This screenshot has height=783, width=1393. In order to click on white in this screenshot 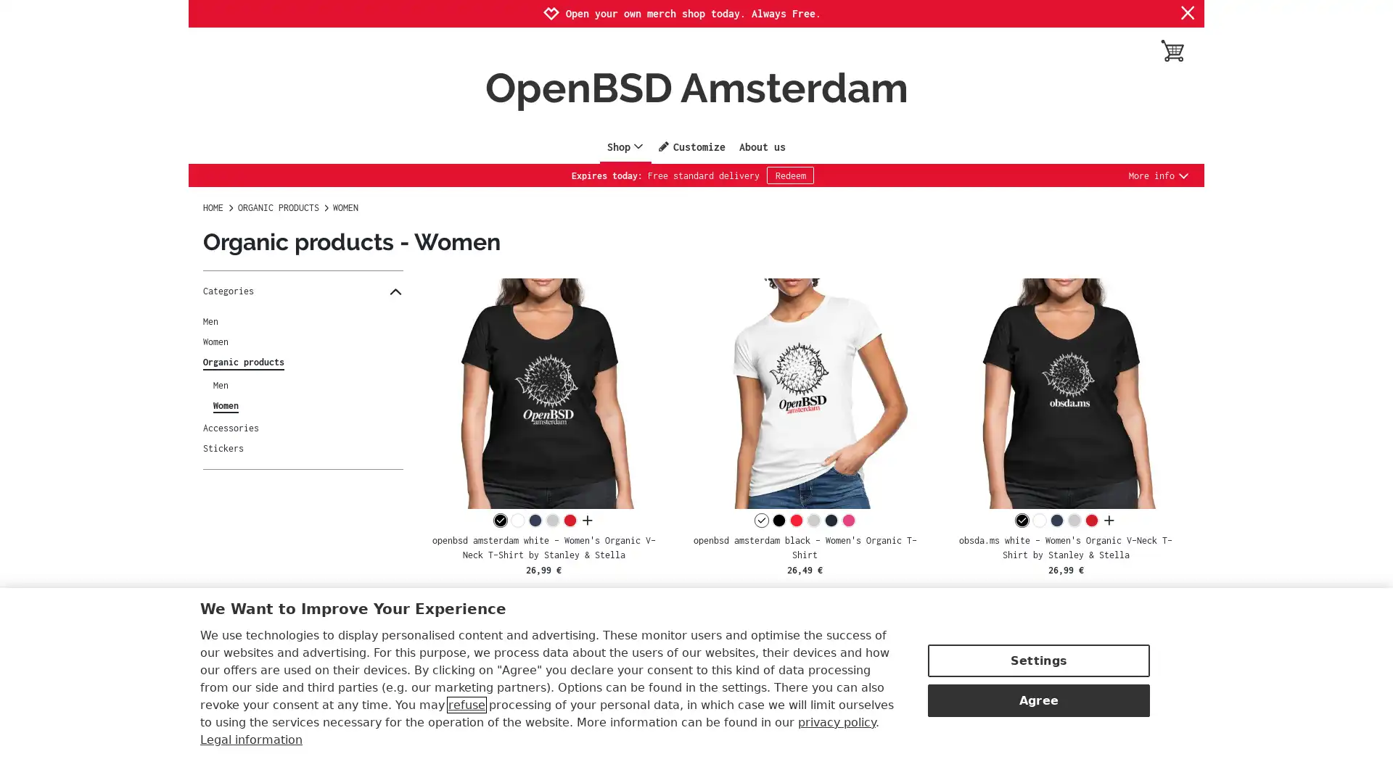, I will do `click(760, 520)`.